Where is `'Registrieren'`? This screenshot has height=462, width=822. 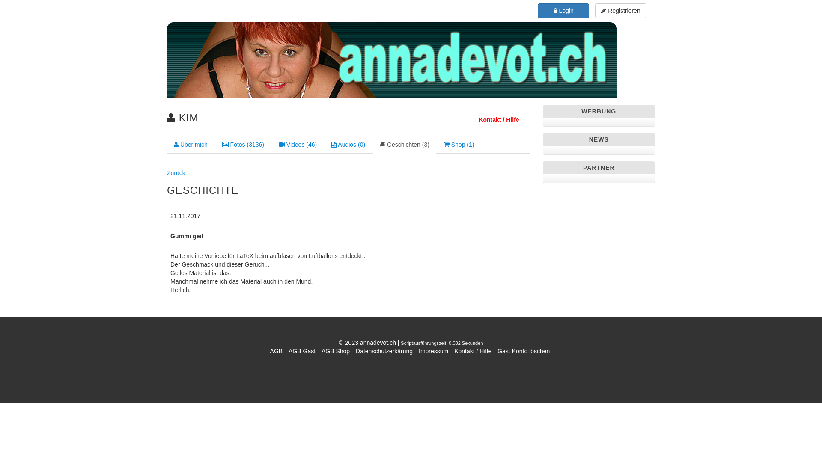 'Registrieren' is located at coordinates (620, 10).